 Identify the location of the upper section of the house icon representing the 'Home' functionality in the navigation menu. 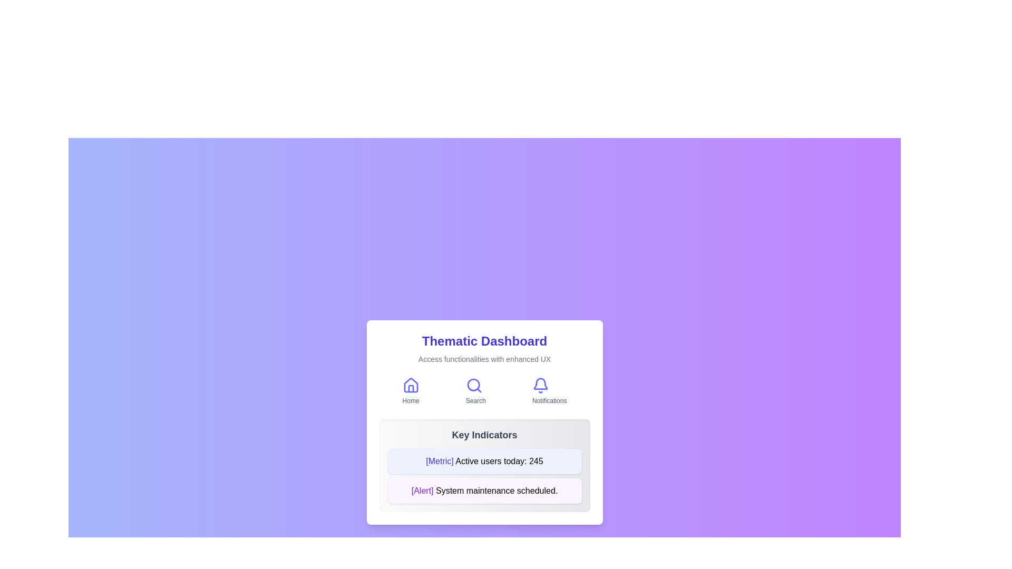
(410, 385).